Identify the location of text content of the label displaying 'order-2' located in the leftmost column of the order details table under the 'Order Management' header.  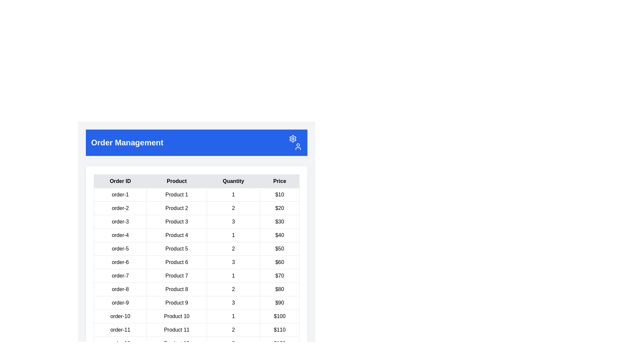
(120, 208).